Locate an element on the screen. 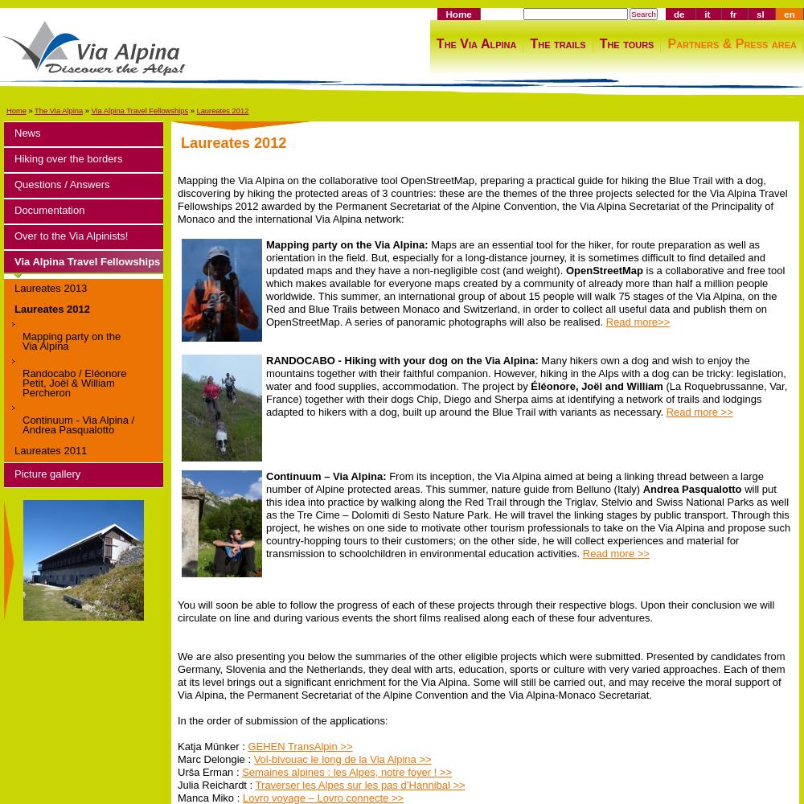 The height and width of the screenshot is (804, 804). 'Over to the Via Alpinists!' is located at coordinates (70, 236).